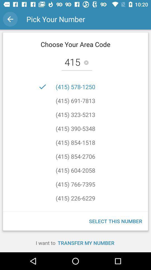  What do you see at coordinates (75, 87) in the screenshot?
I see `icon below the 415` at bounding box center [75, 87].